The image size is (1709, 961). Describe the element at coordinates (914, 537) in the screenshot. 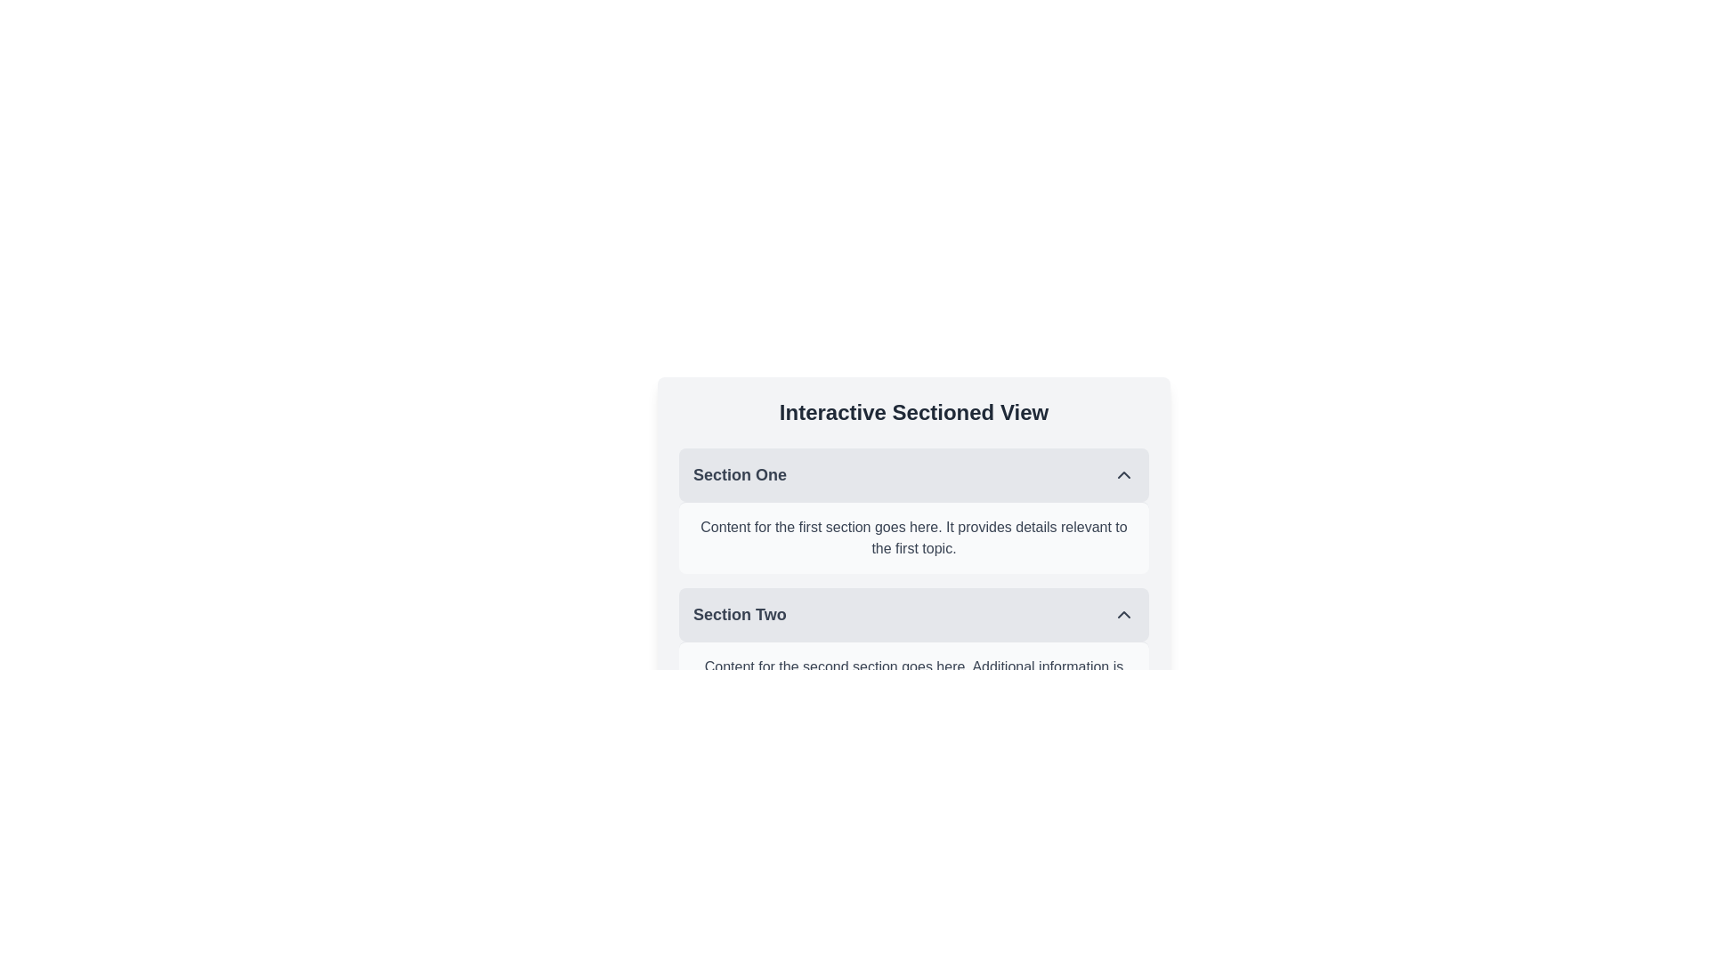

I see `the Text Display Box that contains gray text on a light gray rounded rectangle background, which is part of the collapsible section named 'Section One'` at that location.